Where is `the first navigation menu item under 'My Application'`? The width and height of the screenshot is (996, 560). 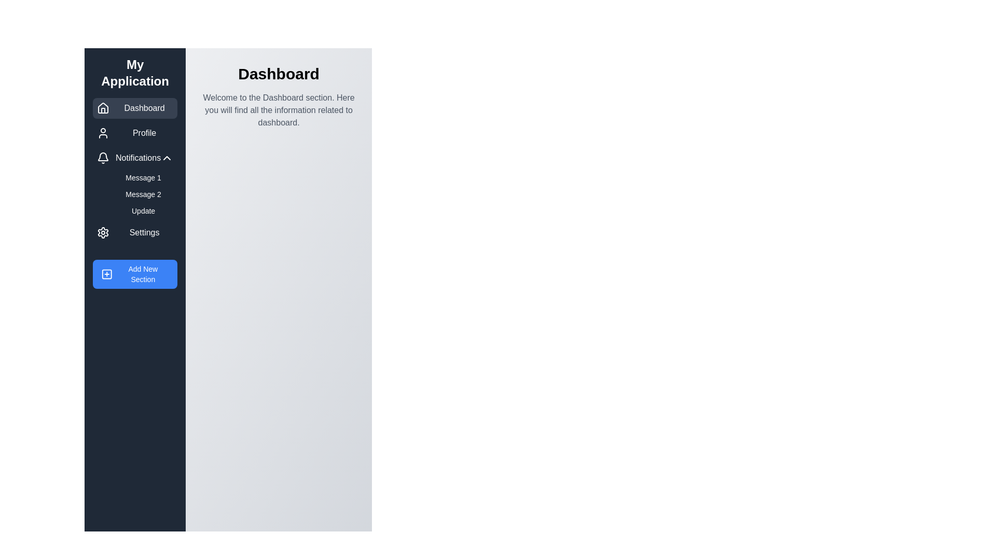
the first navigation menu item under 'My Application' is located at coordinates (134, 108).